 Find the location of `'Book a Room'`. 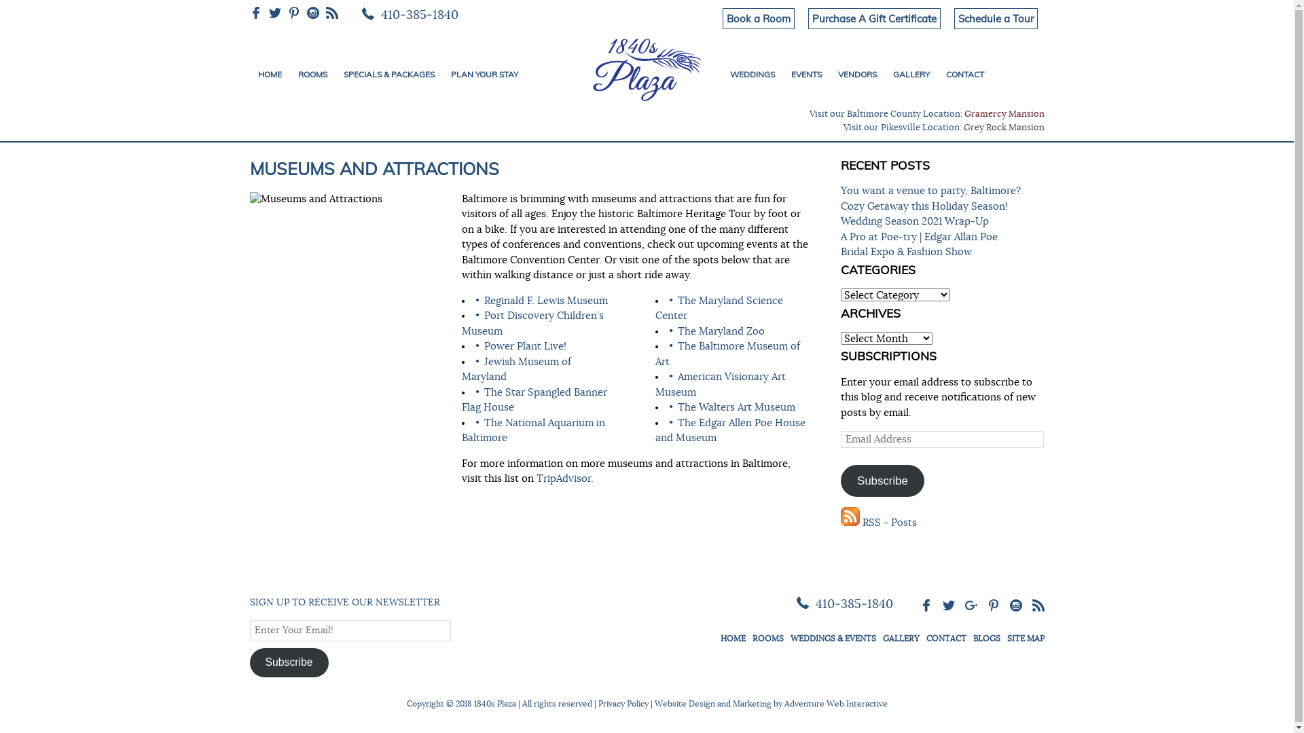

'Book a Room' is located at coordinates (758, 18).